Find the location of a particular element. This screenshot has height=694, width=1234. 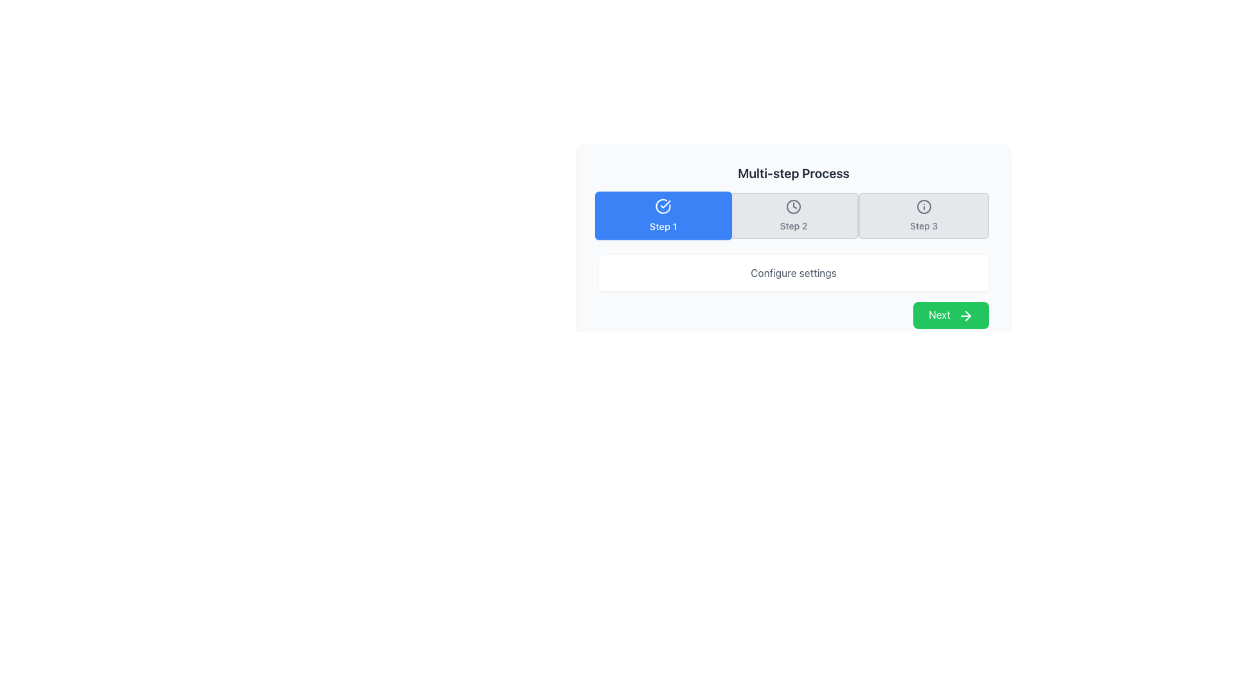

the circular outline of the clock icon in the 'Step 2' section of the multi-step progress bar, which is located in the top-middle portion of the interface is located at coordinates (792, 206).